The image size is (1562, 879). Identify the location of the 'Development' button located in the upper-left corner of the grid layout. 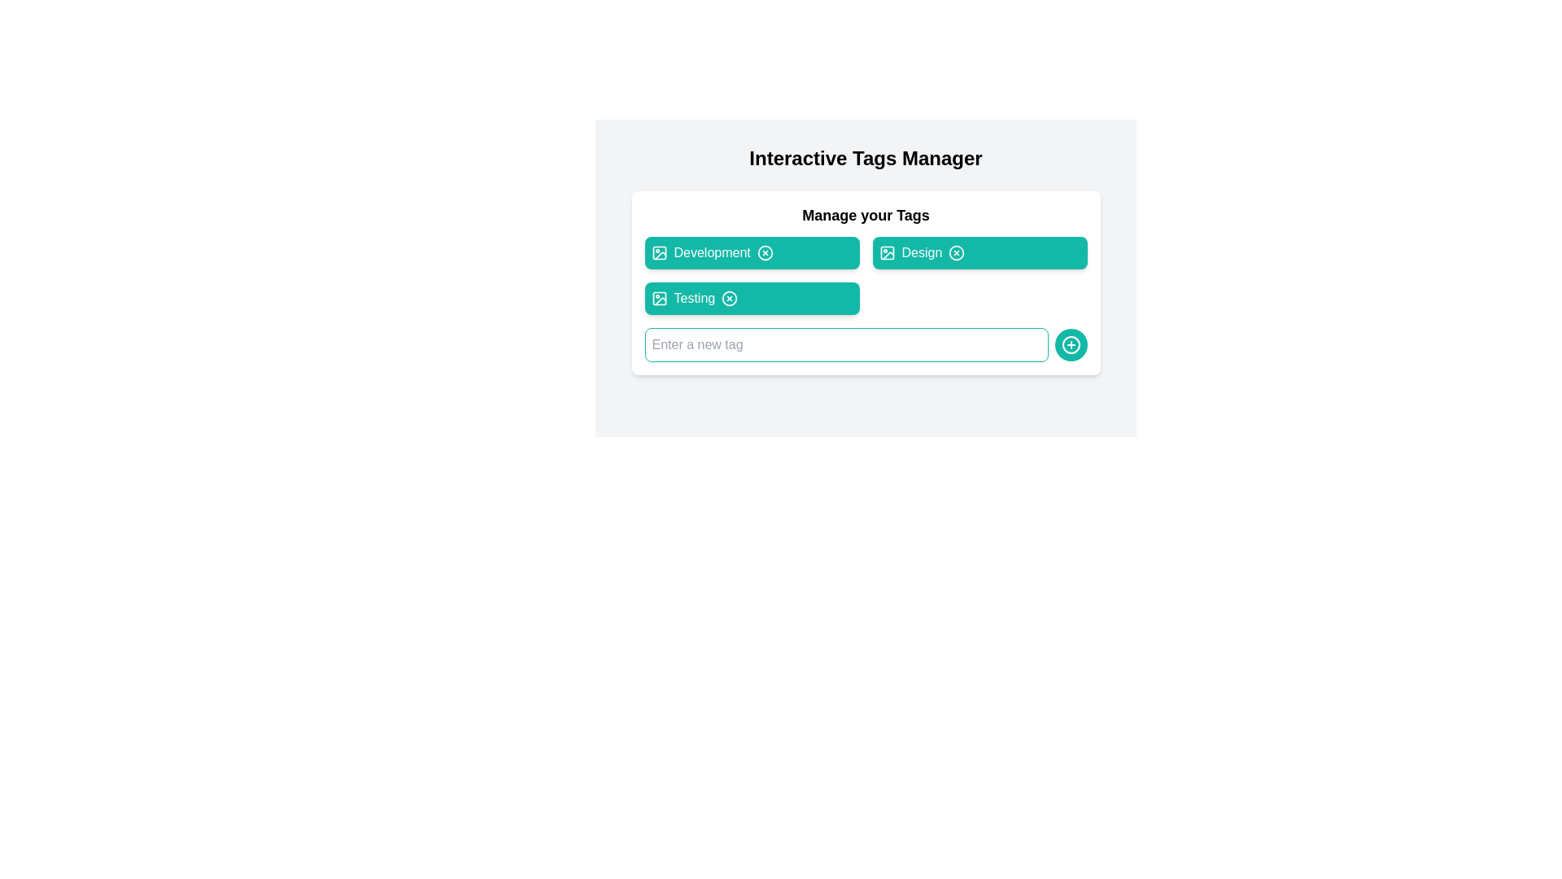
(751, 253).